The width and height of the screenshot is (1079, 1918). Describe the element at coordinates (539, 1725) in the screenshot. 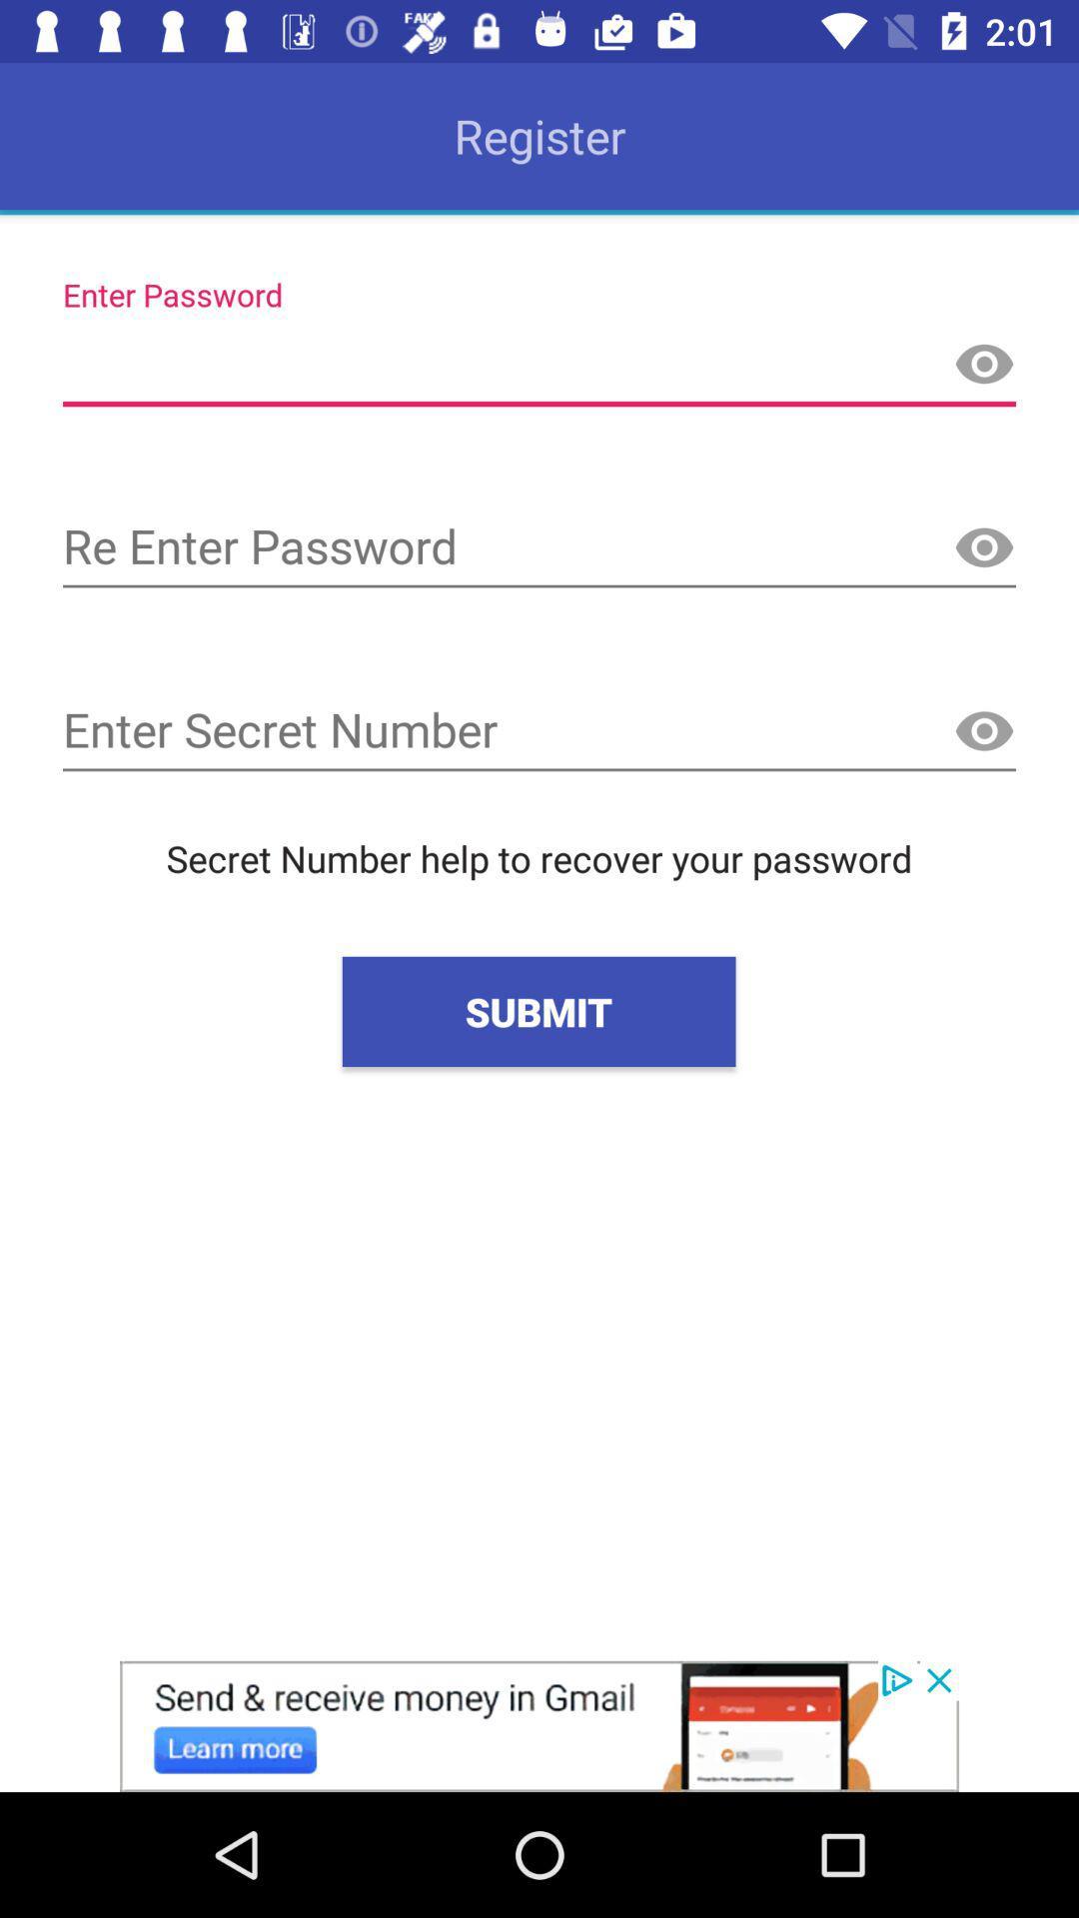

I see `advertisement` at that location.